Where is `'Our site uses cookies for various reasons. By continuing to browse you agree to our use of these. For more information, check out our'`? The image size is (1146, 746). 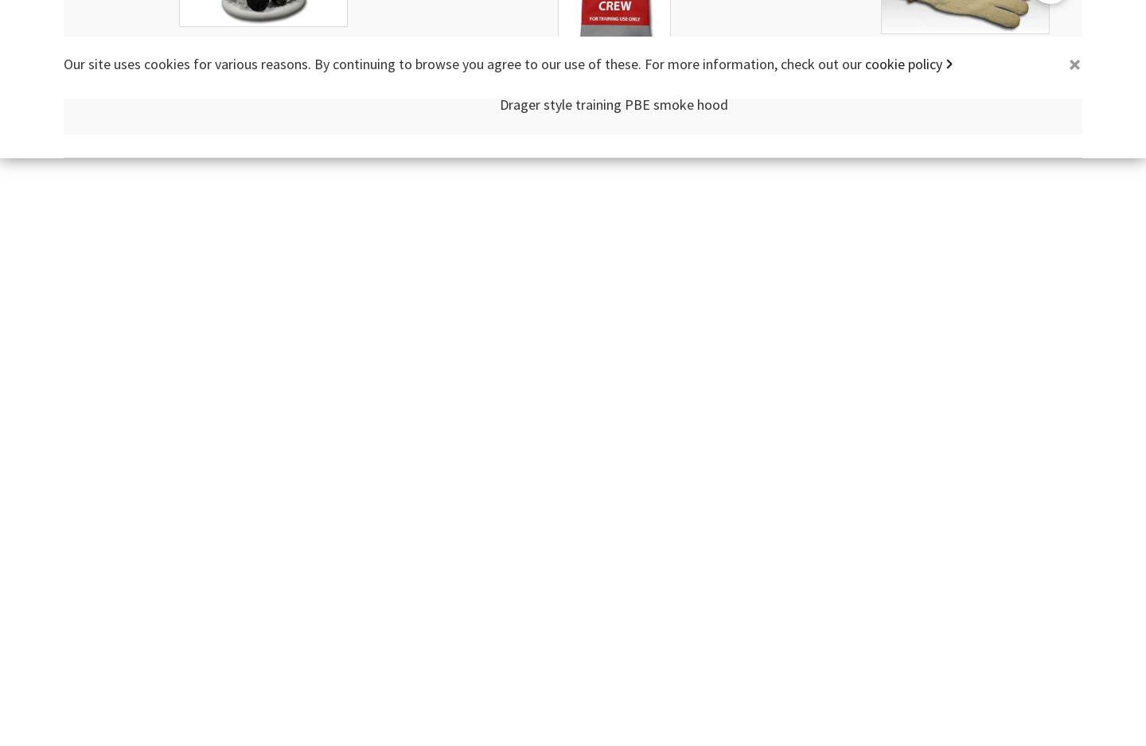 'Our site uses cookies for various reasons. By continuing to browse you agree to our use of these. For more information, check out our' is located at coordinates (464, 63).